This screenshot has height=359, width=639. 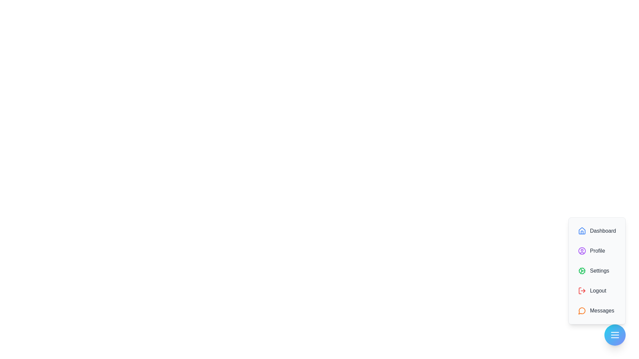 What do you see at coordinates (597, 271) in the screenshot?
I see `the 'Settings' button in the menu` at bounding box center [597, 271].